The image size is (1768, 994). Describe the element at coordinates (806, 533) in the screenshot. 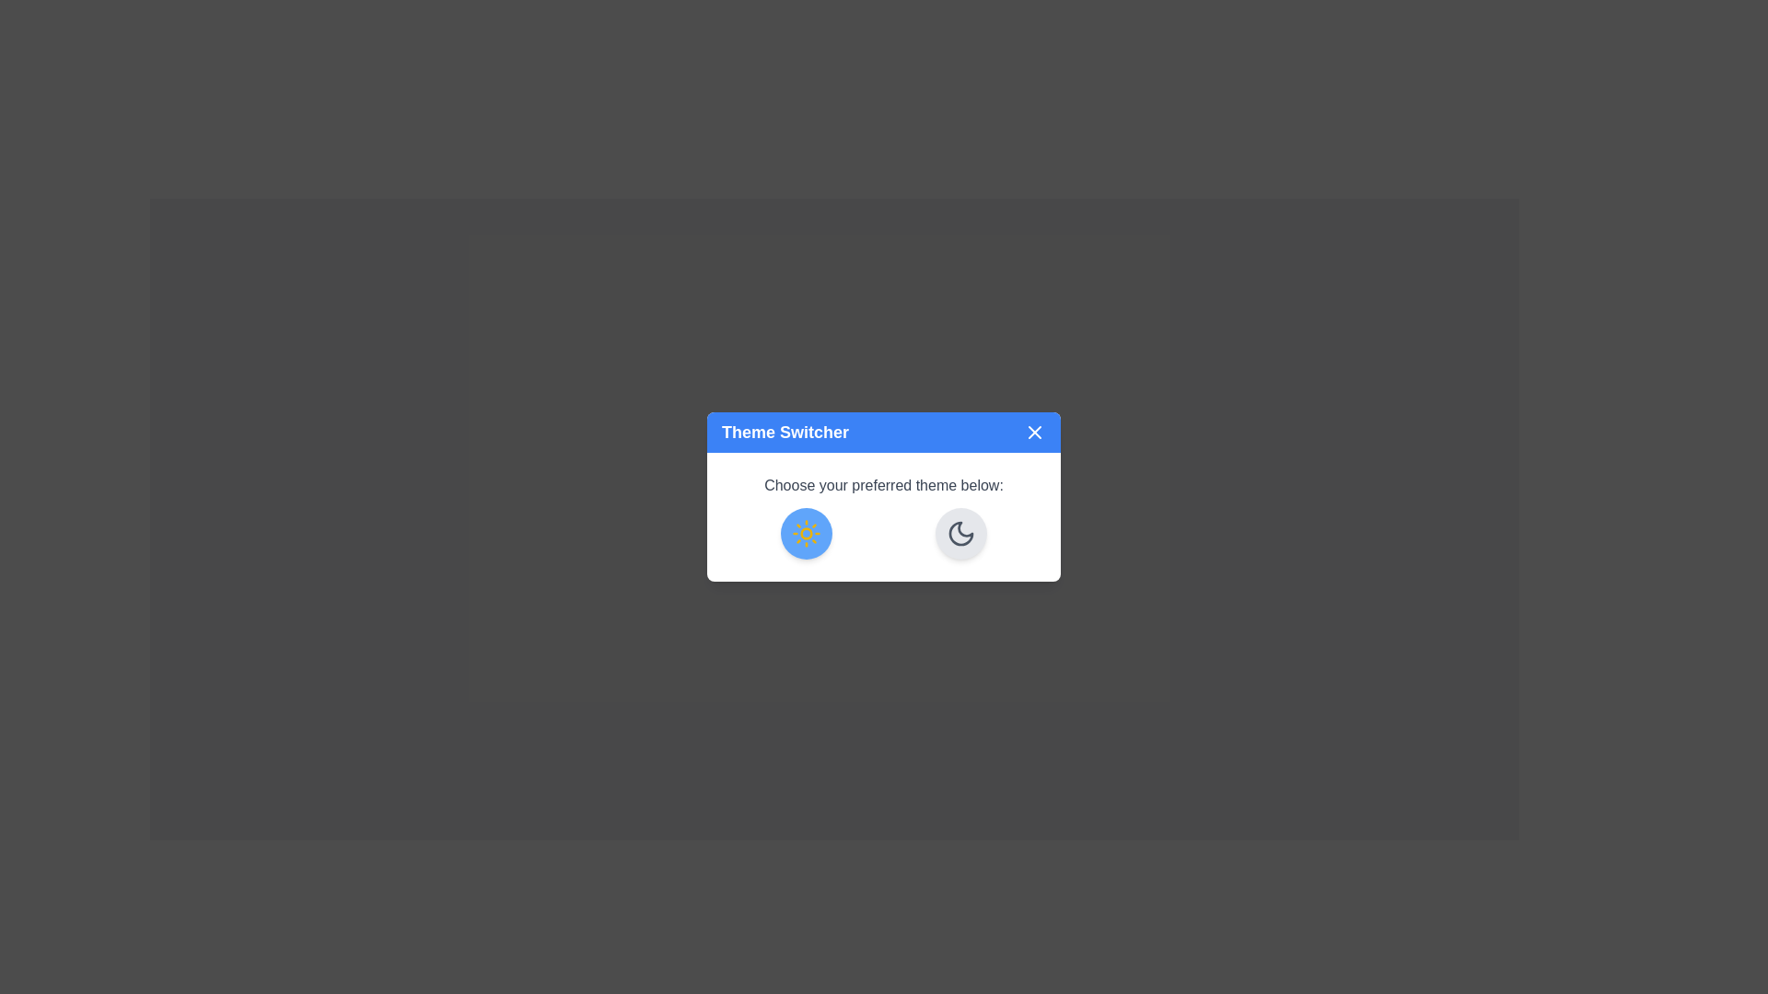

I see `the sun icon representing the light theme selector inside the button` at that location.